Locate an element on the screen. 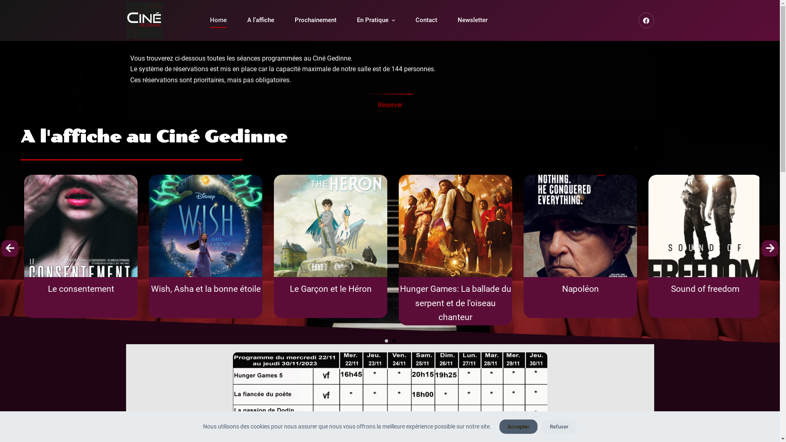 This screenshot has width=786, height=442. 'En Pratique' is located at coordinates (375, 20).